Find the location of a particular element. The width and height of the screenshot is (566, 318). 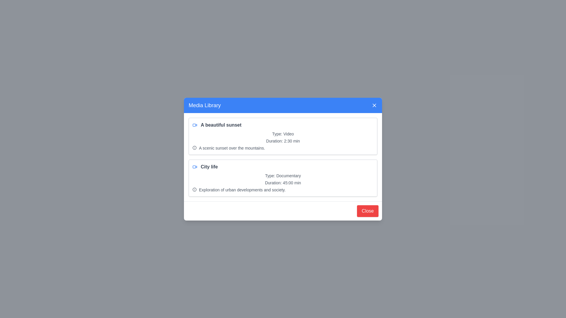

the text label that describes the media content type 'Video' associated with the title 'A beautiful sunset', which is located above the text 'Duration: 2:30 min' is located at coordinates (283, 134).